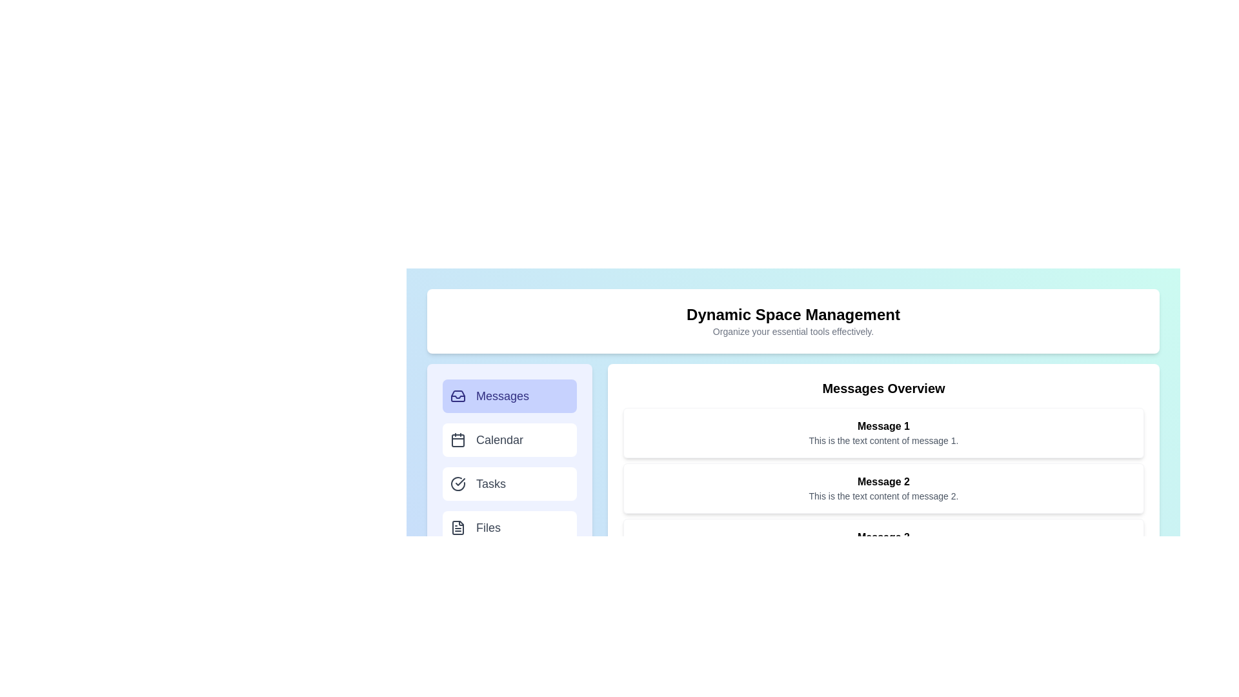 The image size is (1239, 697). I want to click on the text label that displays 'This is the text content of message 2.' positioned below the title 'Message 2.', so click(883, 495).